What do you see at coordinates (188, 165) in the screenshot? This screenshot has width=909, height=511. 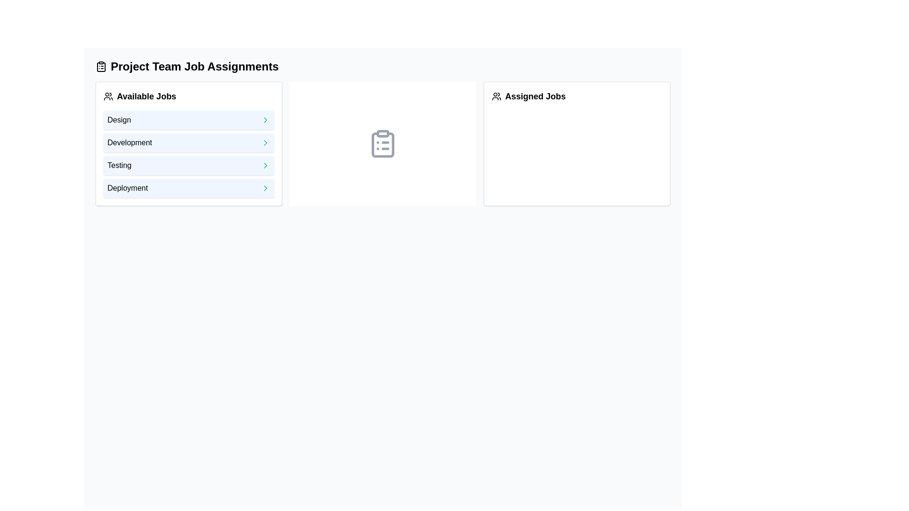 I see `the 'Testing' button` at bounding box center [188, 165].